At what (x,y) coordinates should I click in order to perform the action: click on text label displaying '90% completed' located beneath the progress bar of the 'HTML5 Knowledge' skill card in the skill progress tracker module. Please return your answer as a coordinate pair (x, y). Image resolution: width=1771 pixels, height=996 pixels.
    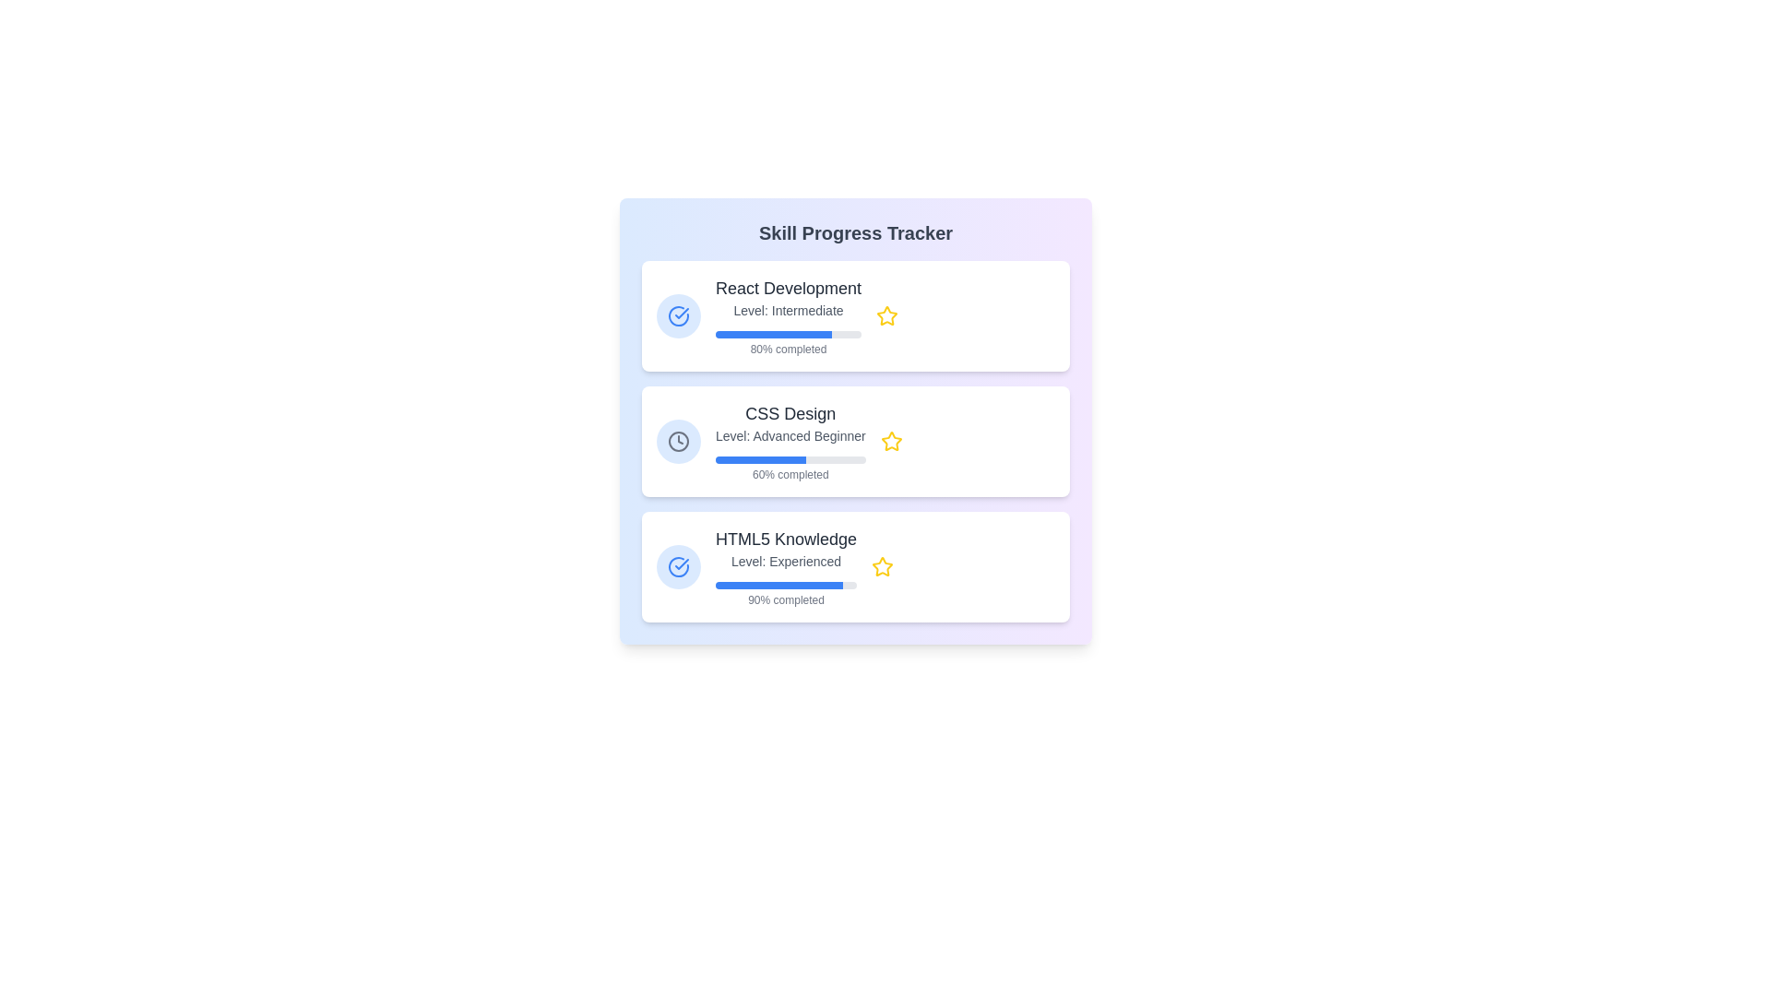
    Looking at the image, I should click on (786, 600).